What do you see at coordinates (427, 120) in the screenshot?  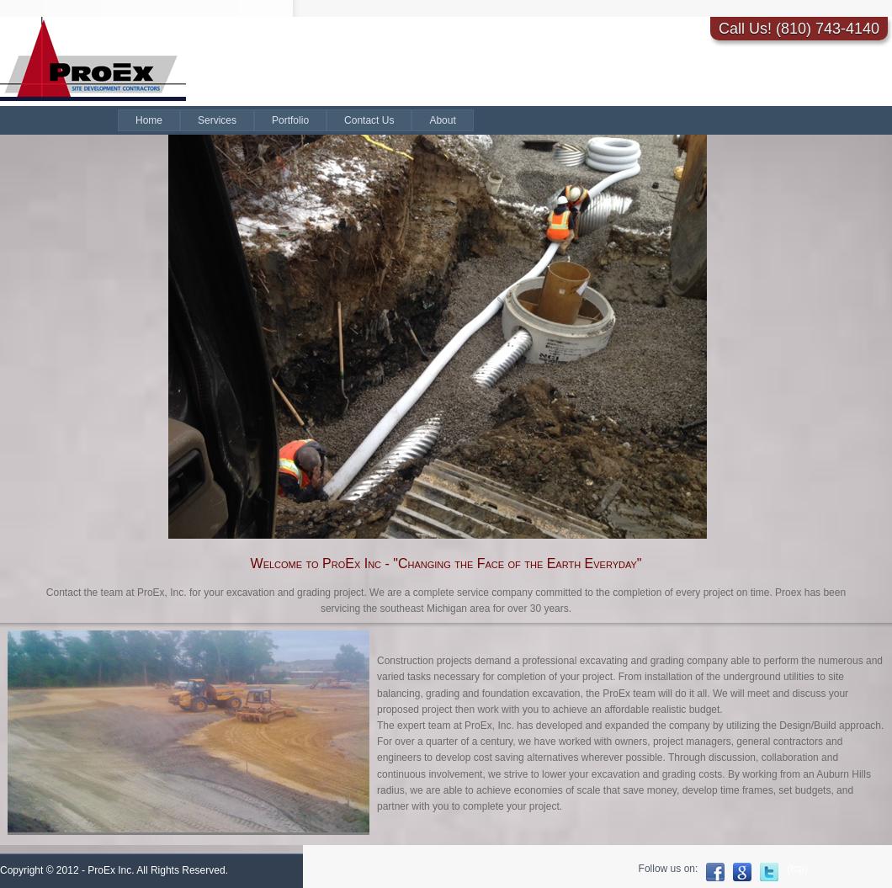 I see `'About'` at bounding box center [427, 120].